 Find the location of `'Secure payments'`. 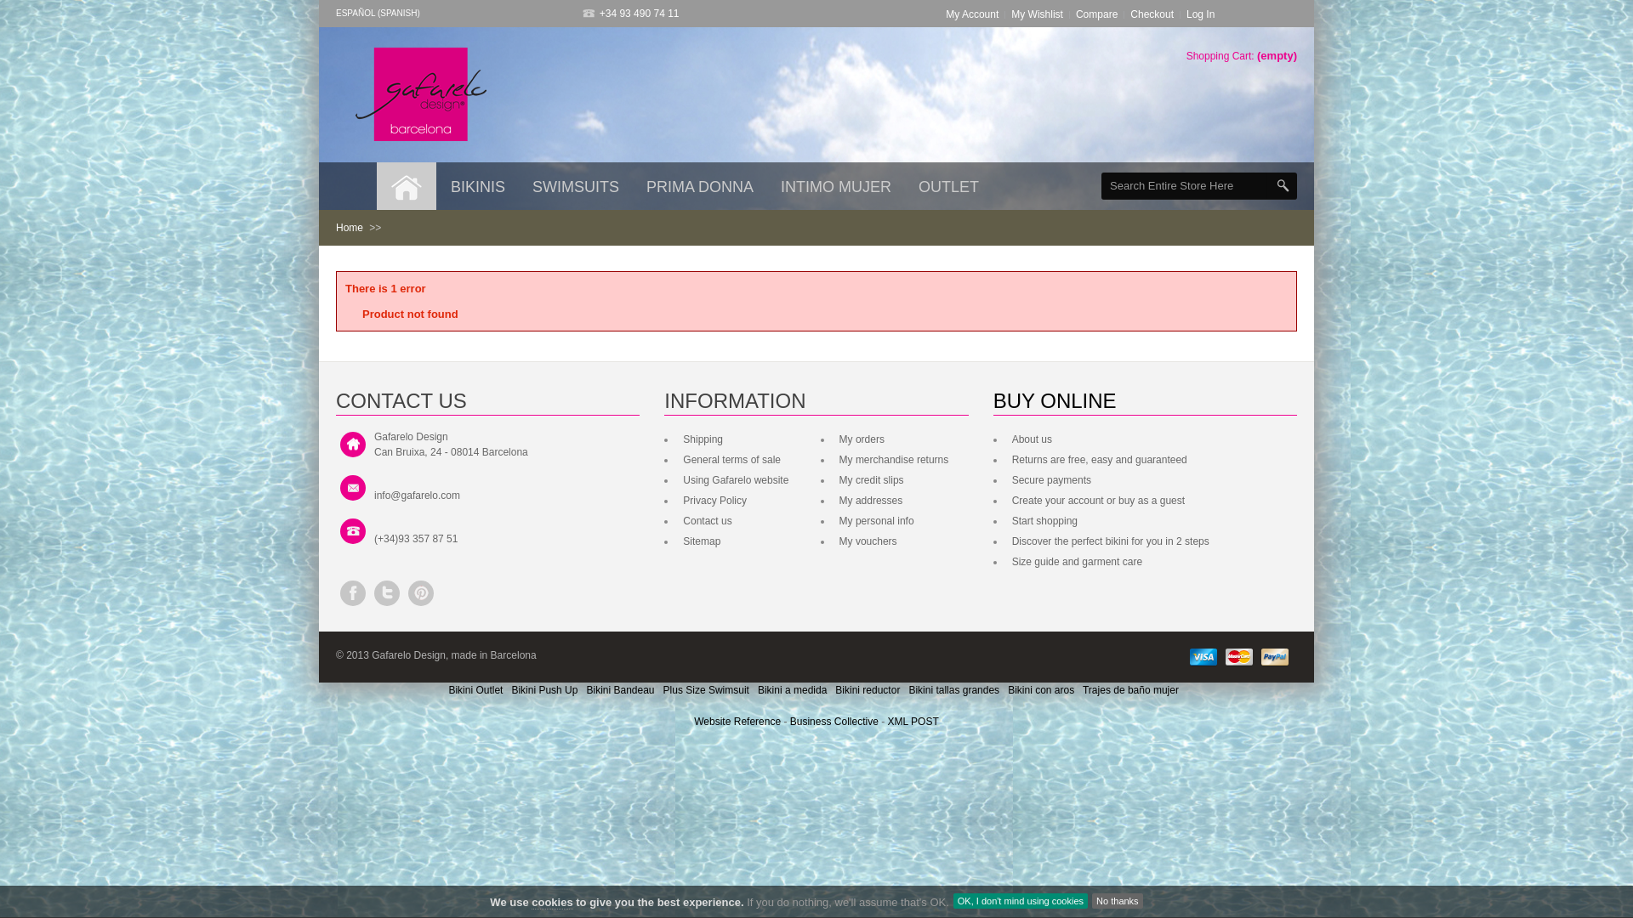

'Secure payments' is located at coordinates (1008, 479).